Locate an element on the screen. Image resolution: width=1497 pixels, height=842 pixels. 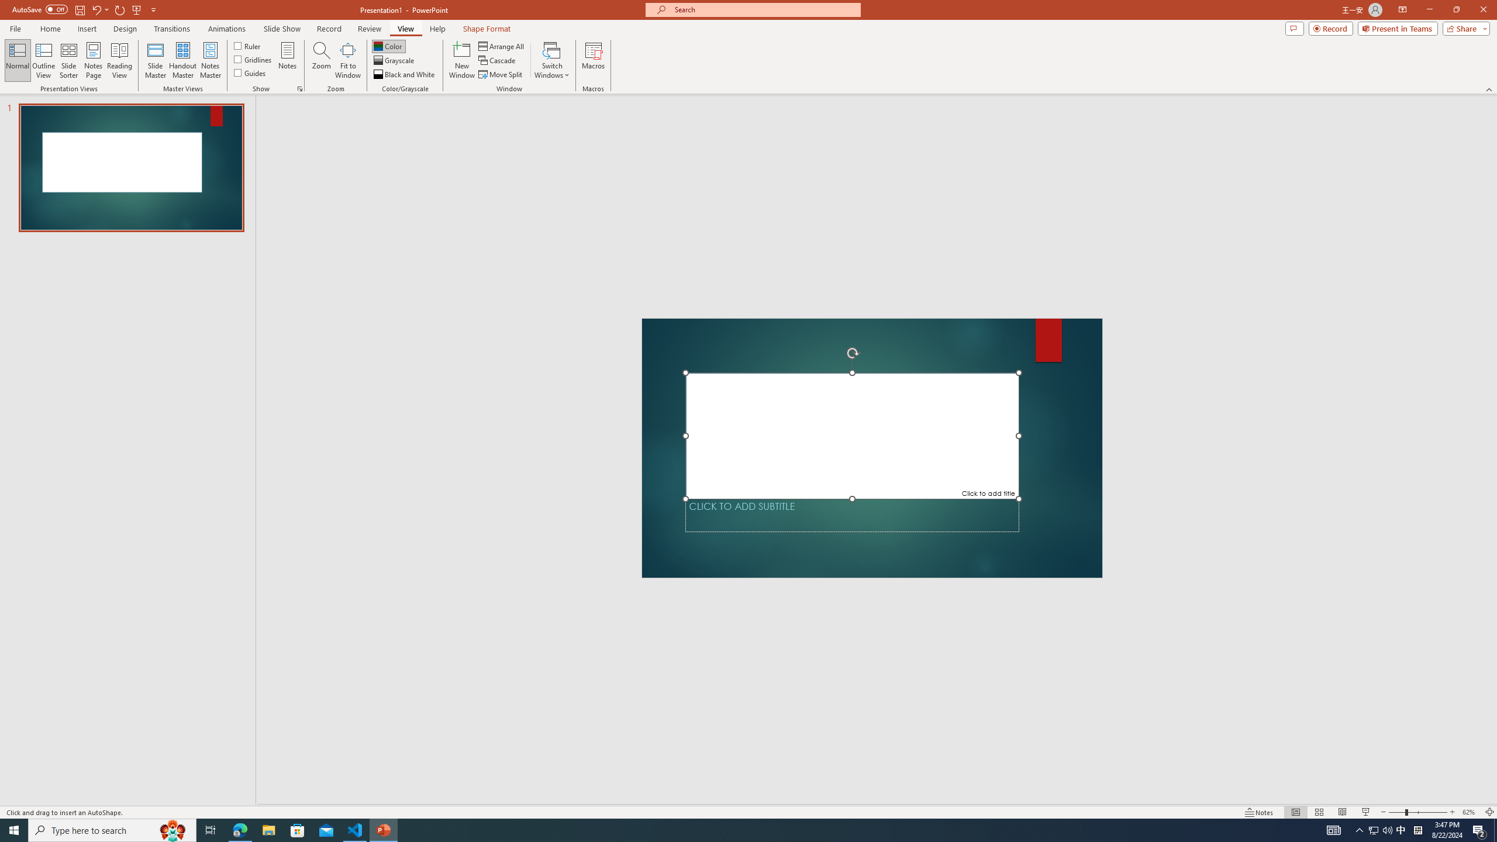
'Move Split' is located at coordinates (501, 74).